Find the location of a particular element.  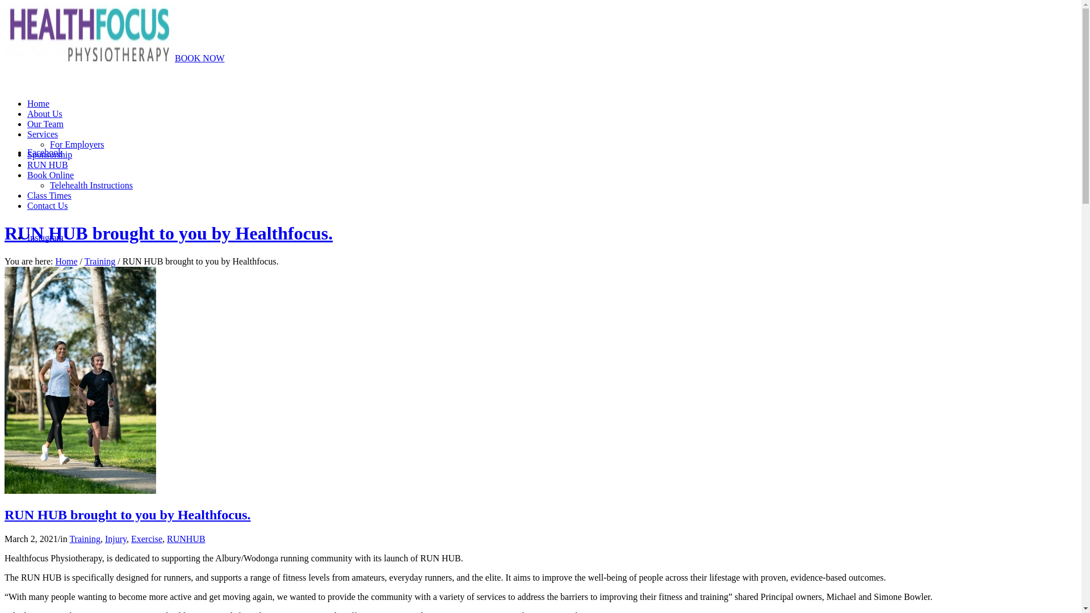

'Facebook' is located at coordinates (44, 152).